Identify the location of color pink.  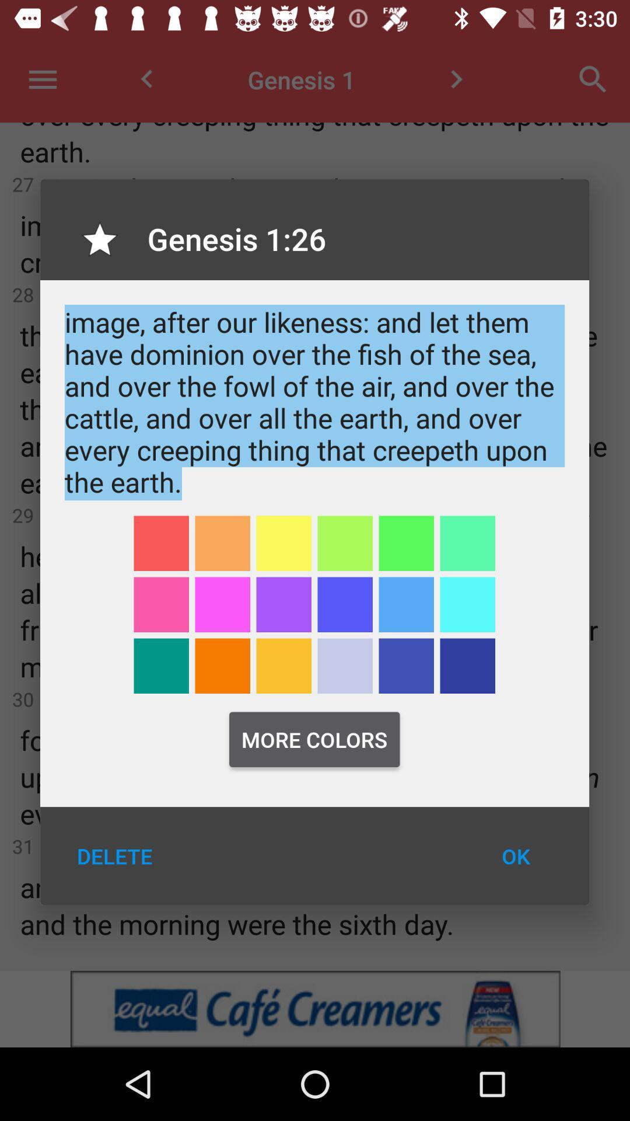
(222, 604).